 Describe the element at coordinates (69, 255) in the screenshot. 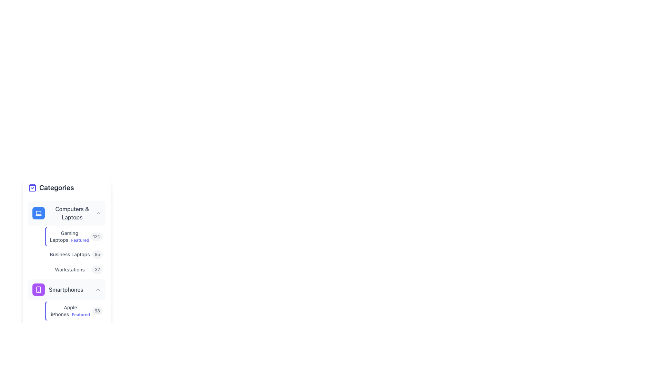

I see `the 'Business Laptops' hyperlink, which is styled in gray and appears as the second item in the 'Computers & Laptops' category menu` at that location.